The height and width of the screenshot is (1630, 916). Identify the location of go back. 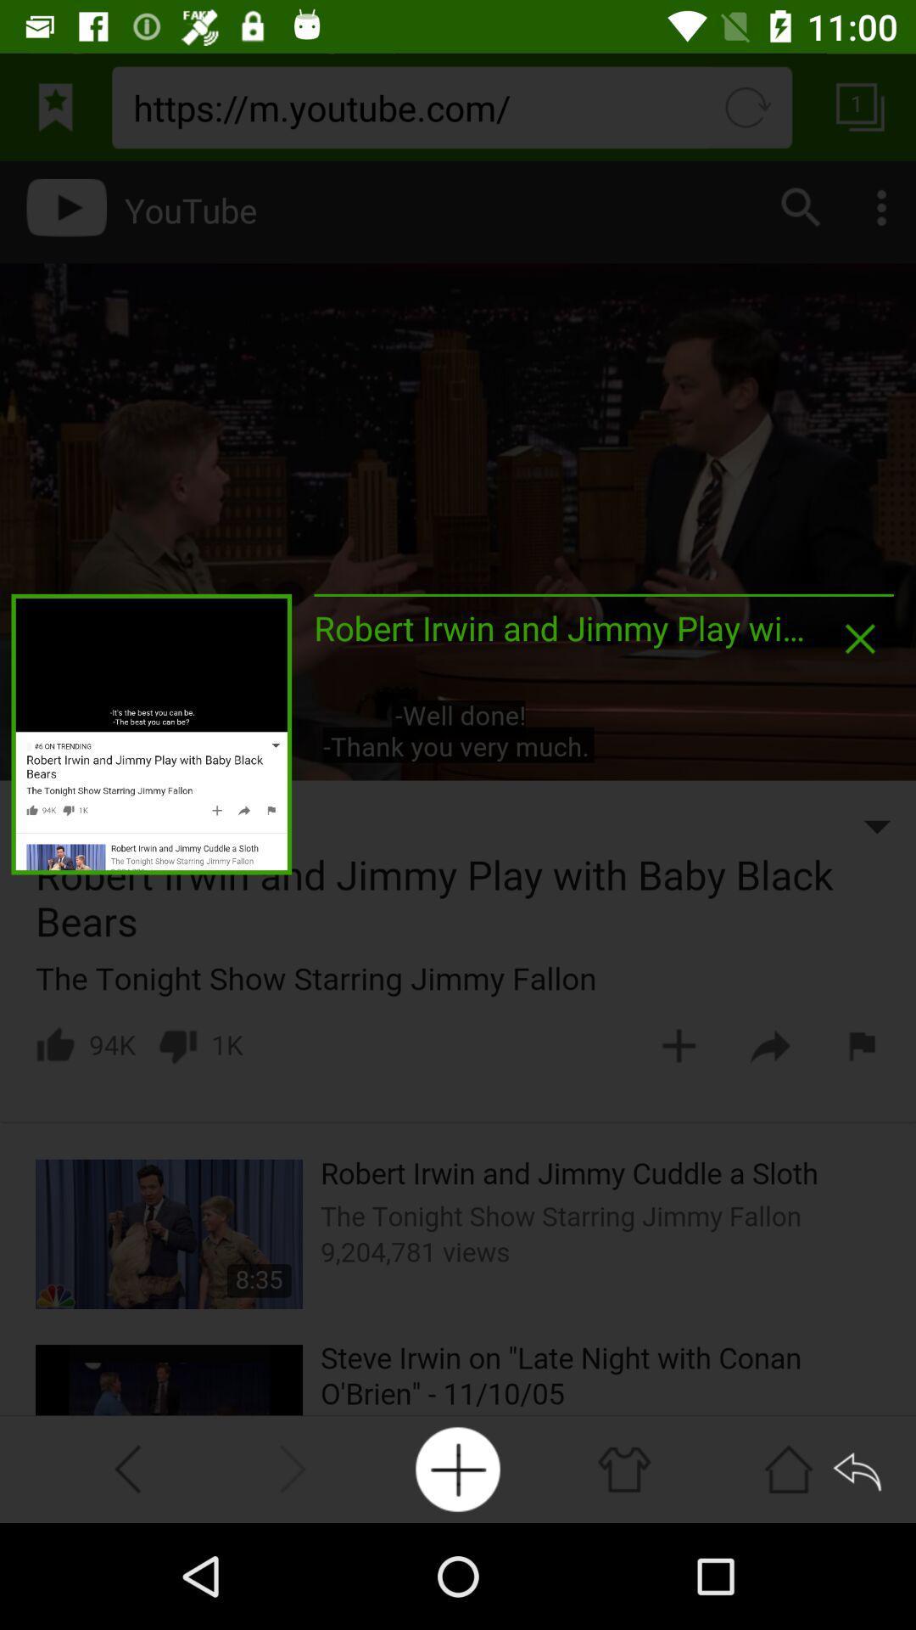
(860, 1468).